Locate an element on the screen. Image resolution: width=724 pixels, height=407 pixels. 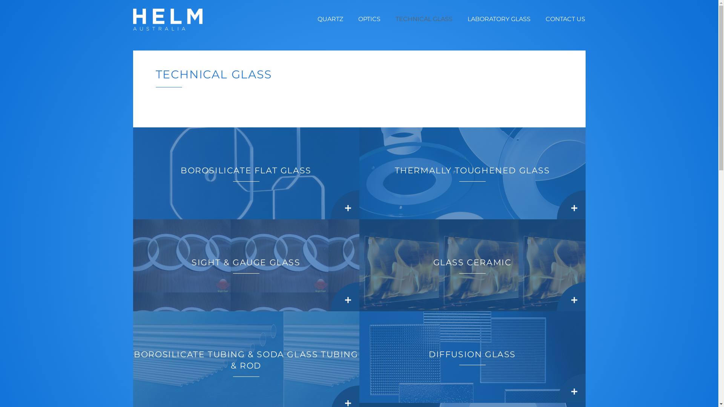
'SIGHT & GAUGE GLASS' is located at coordinates (246, 265).